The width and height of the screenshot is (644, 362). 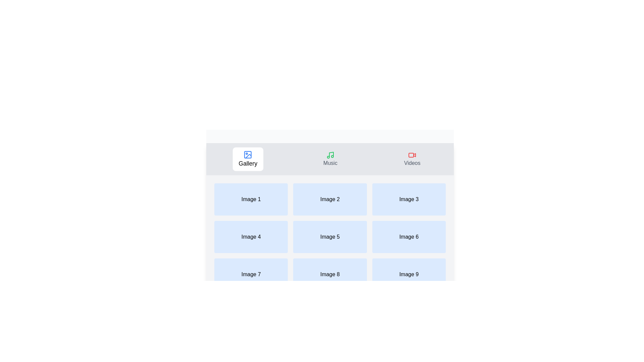 I want to click on the tab labeled Music to select it, so click(x=330, y=159).